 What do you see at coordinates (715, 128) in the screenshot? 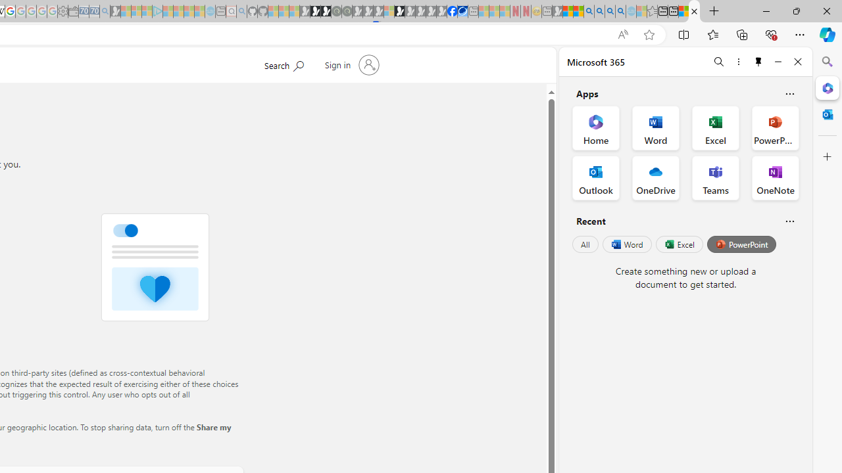
I see `'Excel Office App'` at bounding box center [715, 128].